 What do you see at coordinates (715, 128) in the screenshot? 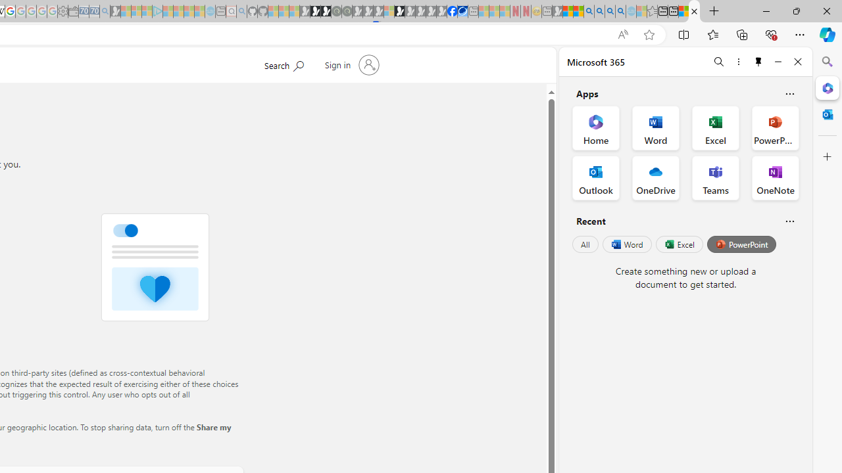
I see `'Excel Office App'` at bounding box center [715, 128].